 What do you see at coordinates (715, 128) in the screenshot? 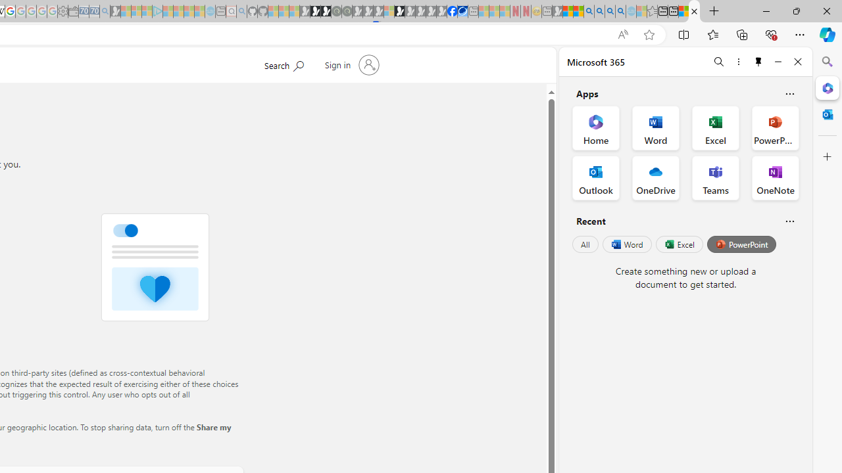
I see `'Excel Office App'` at bounding box center [715, 128].